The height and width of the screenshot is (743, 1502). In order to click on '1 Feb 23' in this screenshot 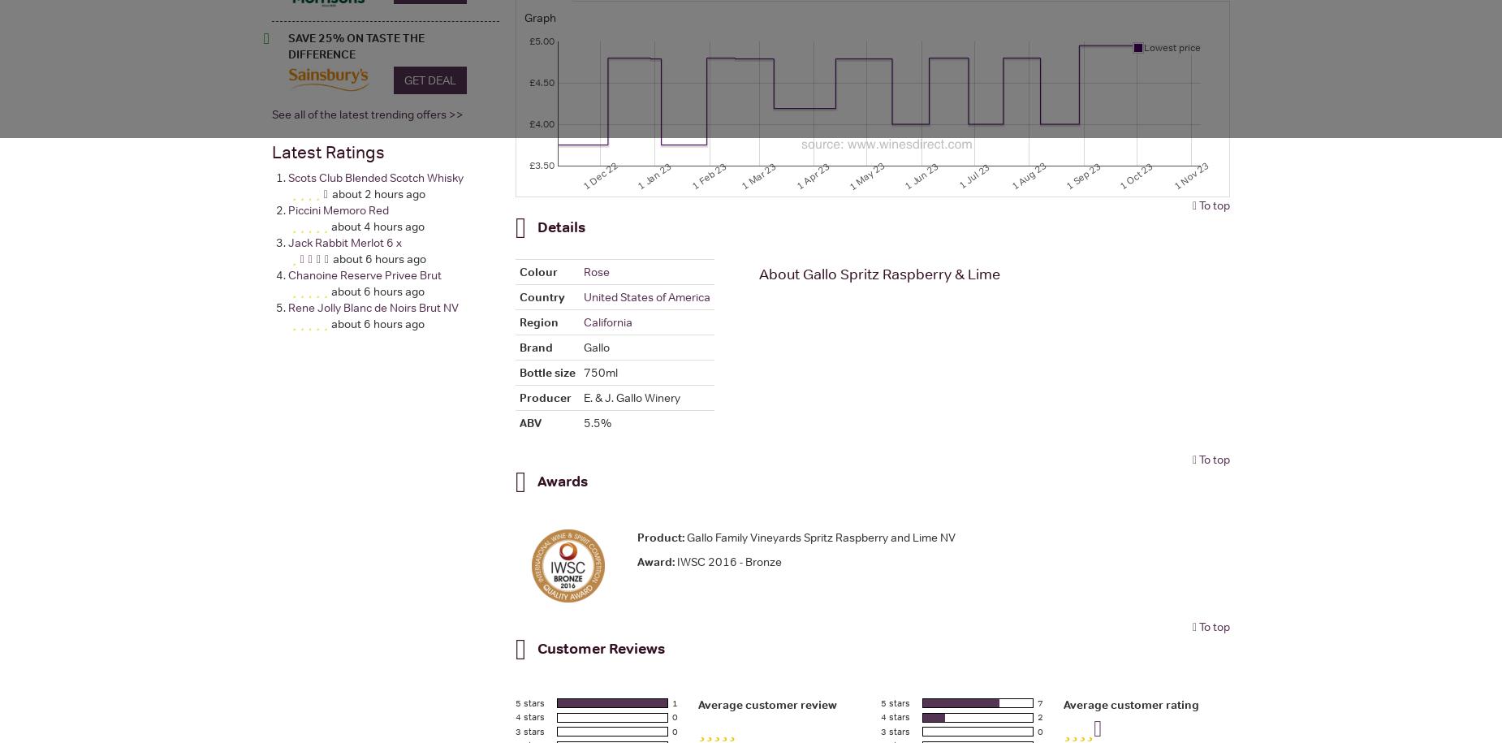, I will do `click(688, 175)`.